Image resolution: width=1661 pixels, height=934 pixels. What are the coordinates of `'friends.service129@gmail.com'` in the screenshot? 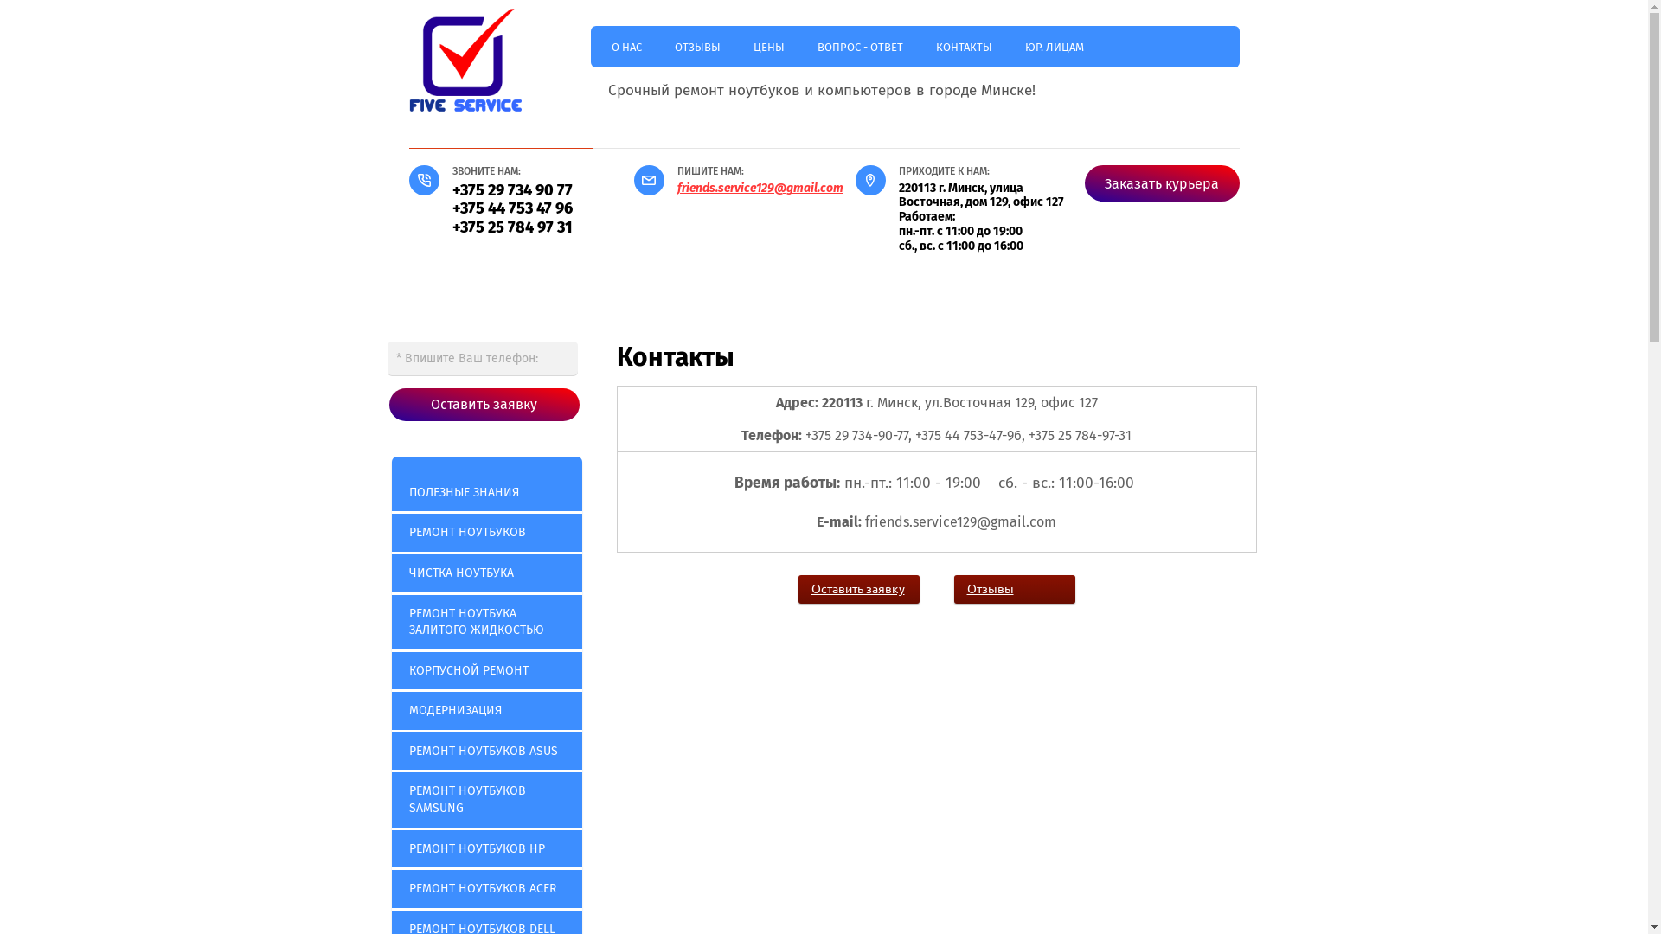 It's located at (760, 188).